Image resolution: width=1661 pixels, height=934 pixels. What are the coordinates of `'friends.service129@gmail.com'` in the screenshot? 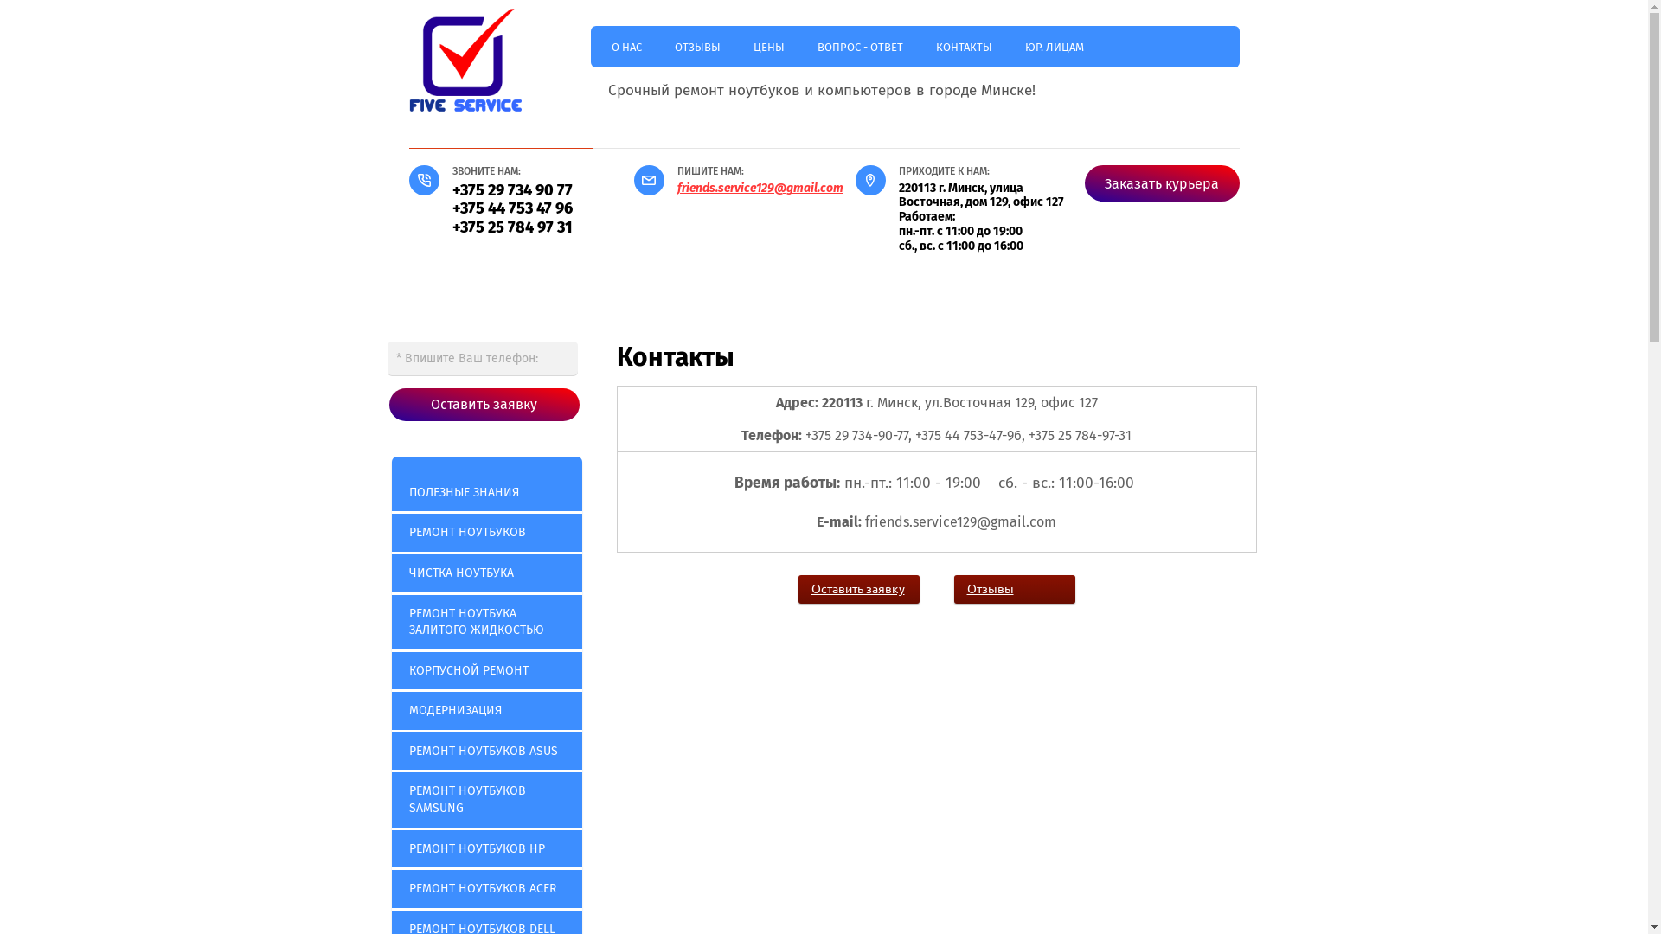 It's located at (760, 188).